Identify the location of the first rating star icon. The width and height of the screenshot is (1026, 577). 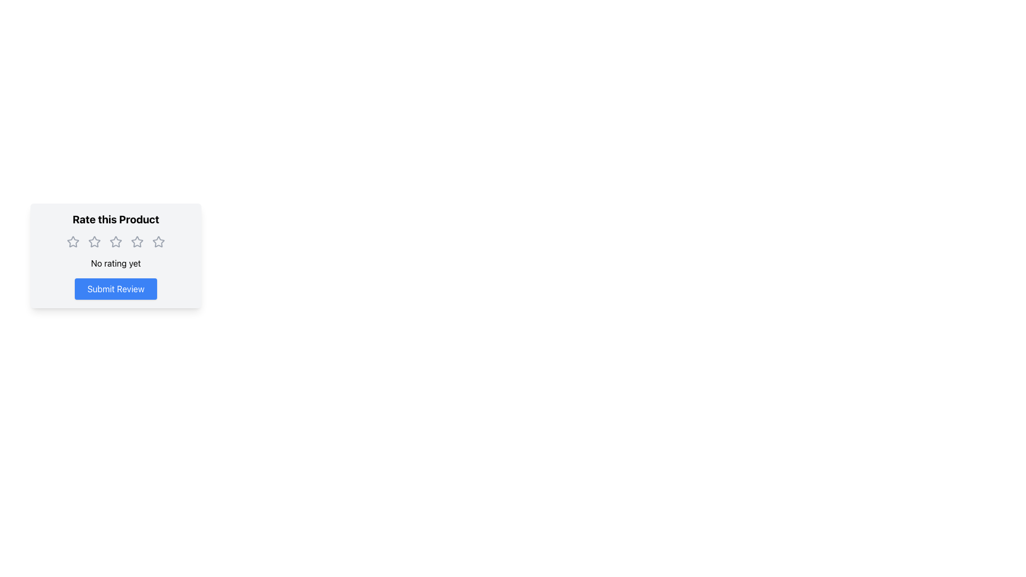
(73, 241).